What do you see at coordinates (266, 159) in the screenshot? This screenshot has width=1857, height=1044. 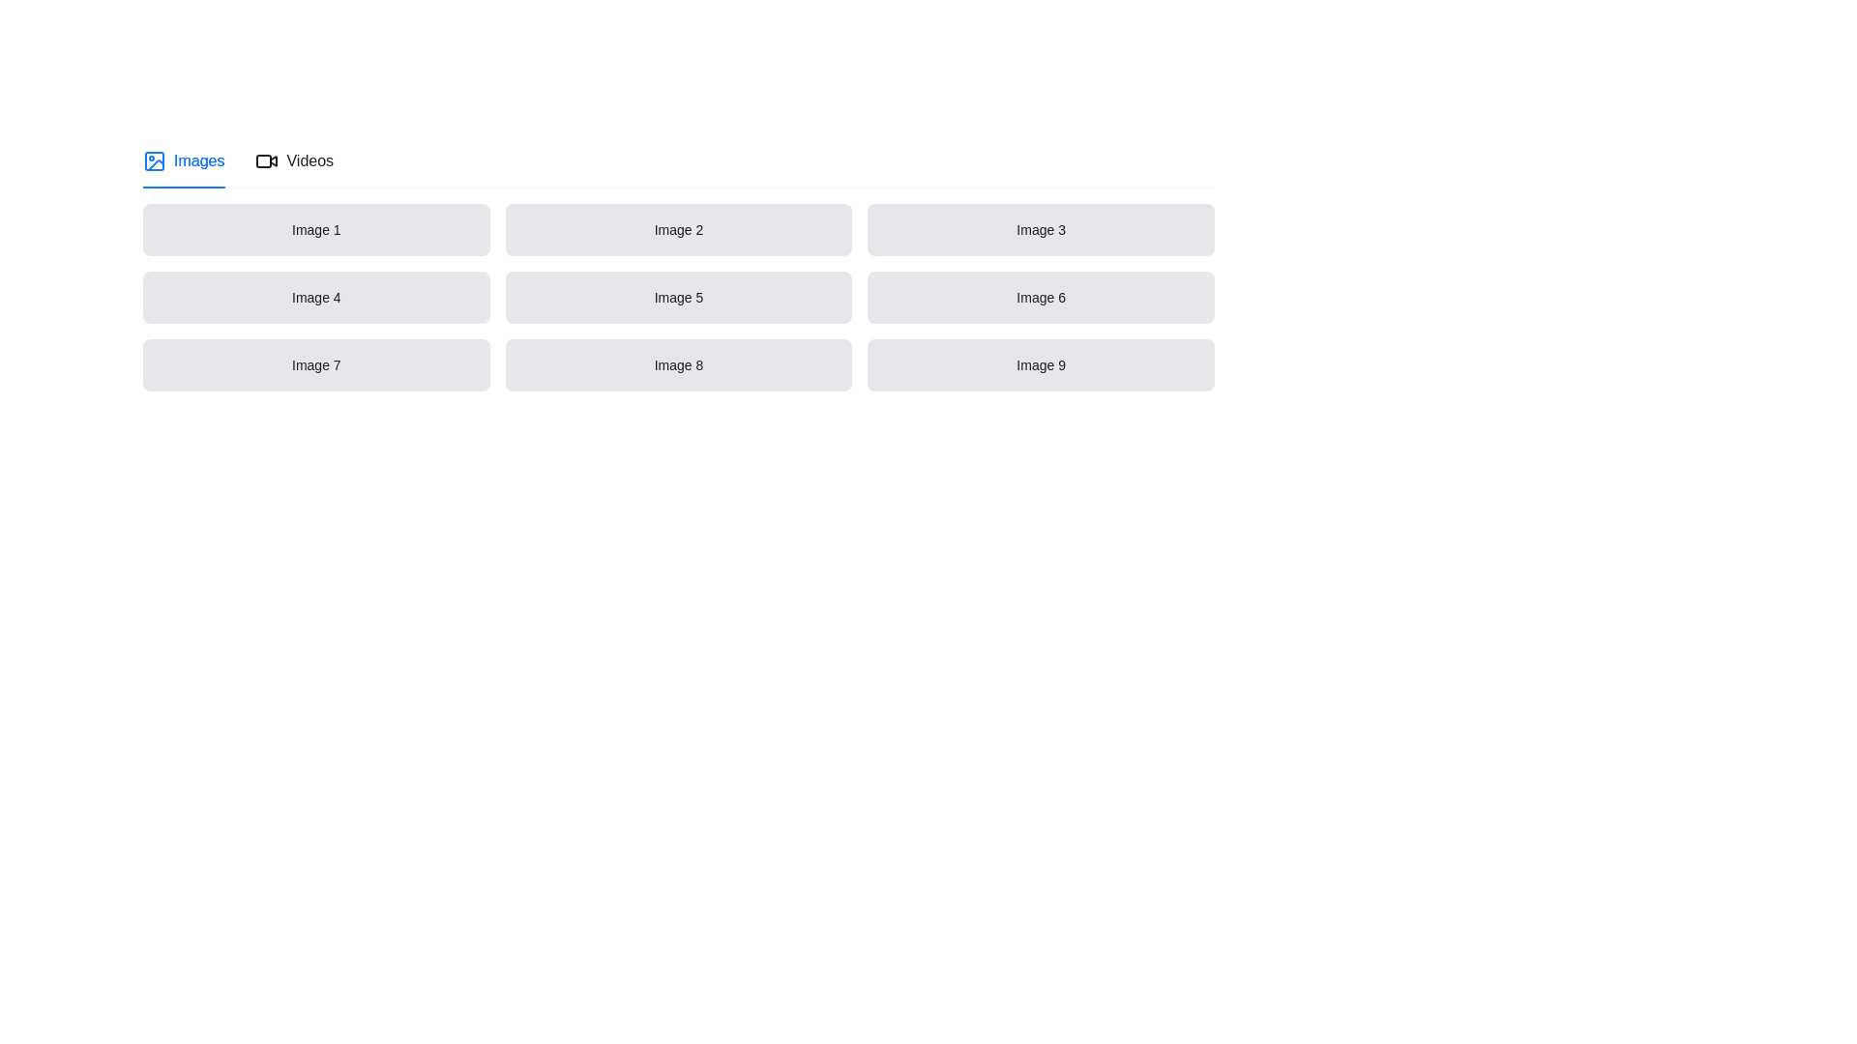 I see `the simplified video camera icon in line-art style located in the header section` at bounding box center [266, 159].